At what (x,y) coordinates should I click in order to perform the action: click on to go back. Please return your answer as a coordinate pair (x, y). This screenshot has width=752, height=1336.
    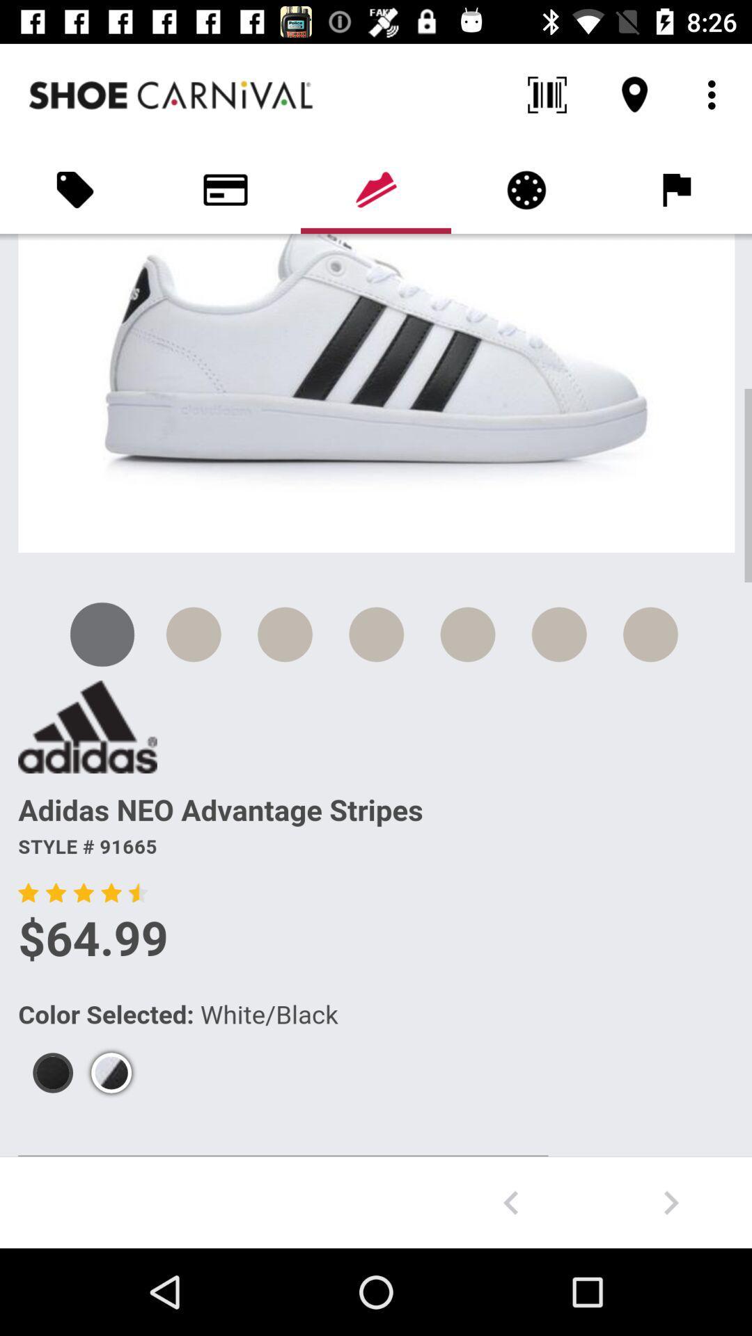
    Looking at the image, I should click on (510, 1202).